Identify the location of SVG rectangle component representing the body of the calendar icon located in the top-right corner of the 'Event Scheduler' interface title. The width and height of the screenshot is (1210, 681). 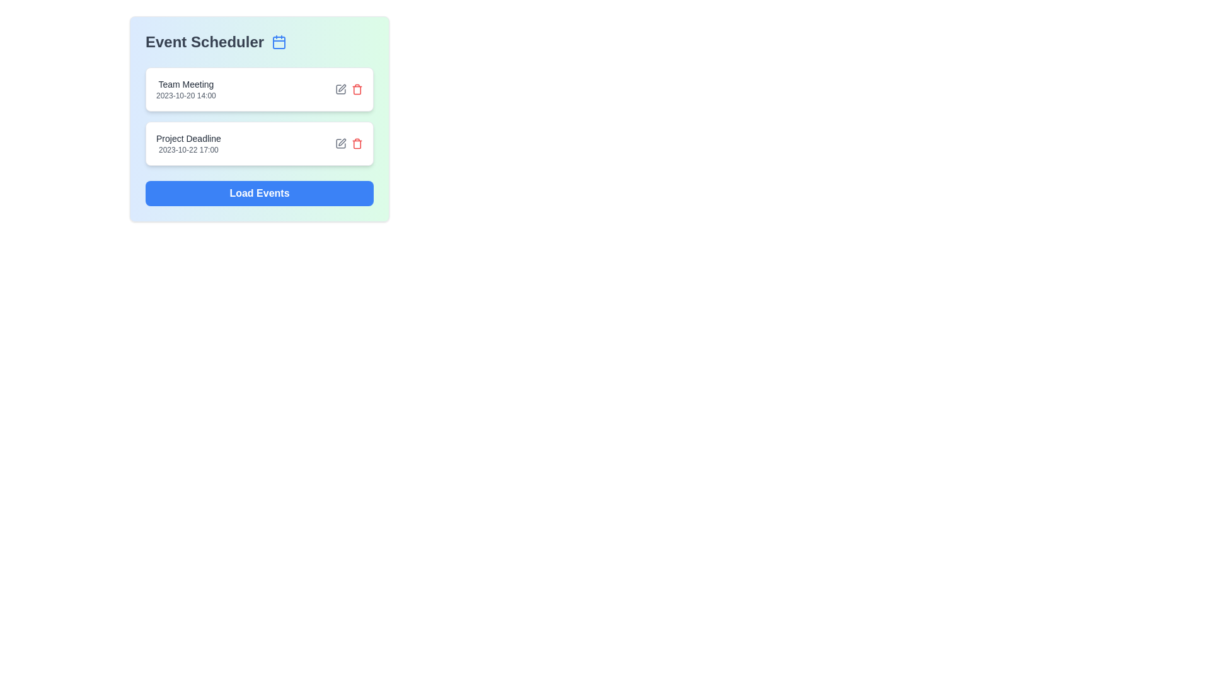
(279, 42).